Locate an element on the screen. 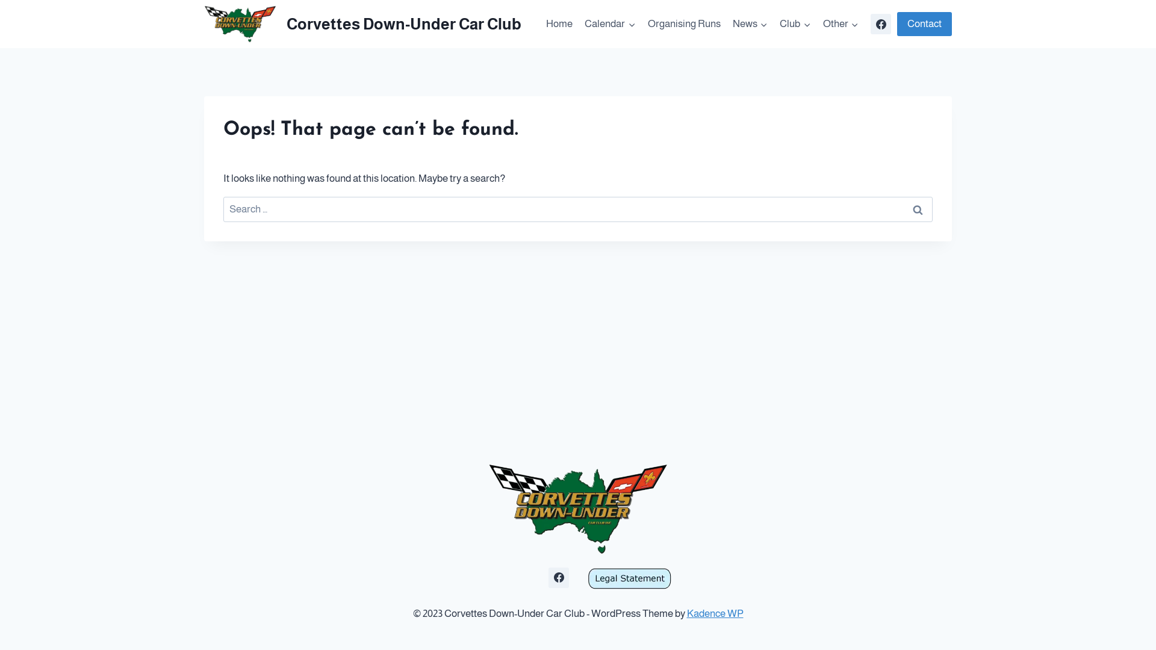 Image resolution: width=1156 pixels, height=650 pixels. 'Club' is located at coordinates (774, 23).